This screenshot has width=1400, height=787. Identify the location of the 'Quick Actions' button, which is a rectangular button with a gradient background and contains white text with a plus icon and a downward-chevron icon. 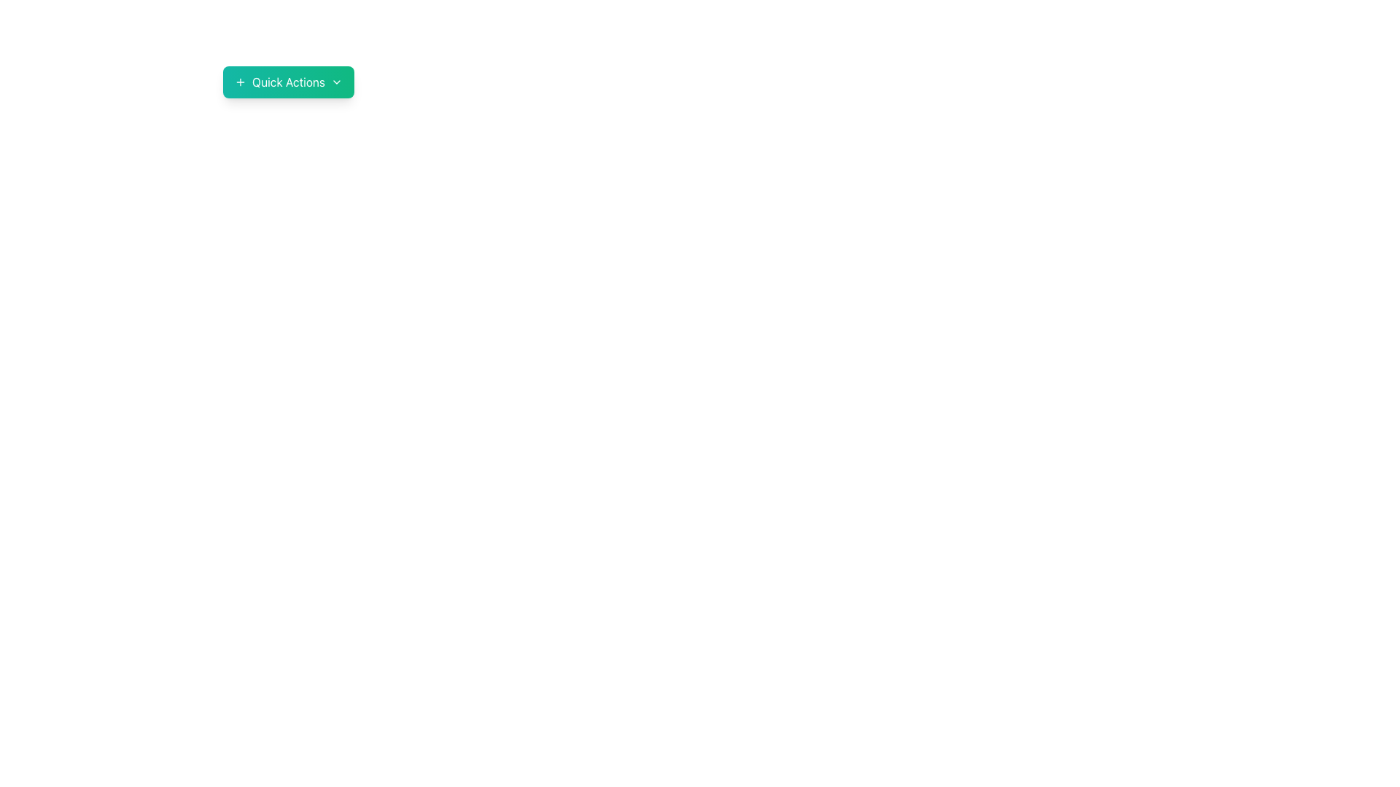
(289, 82).